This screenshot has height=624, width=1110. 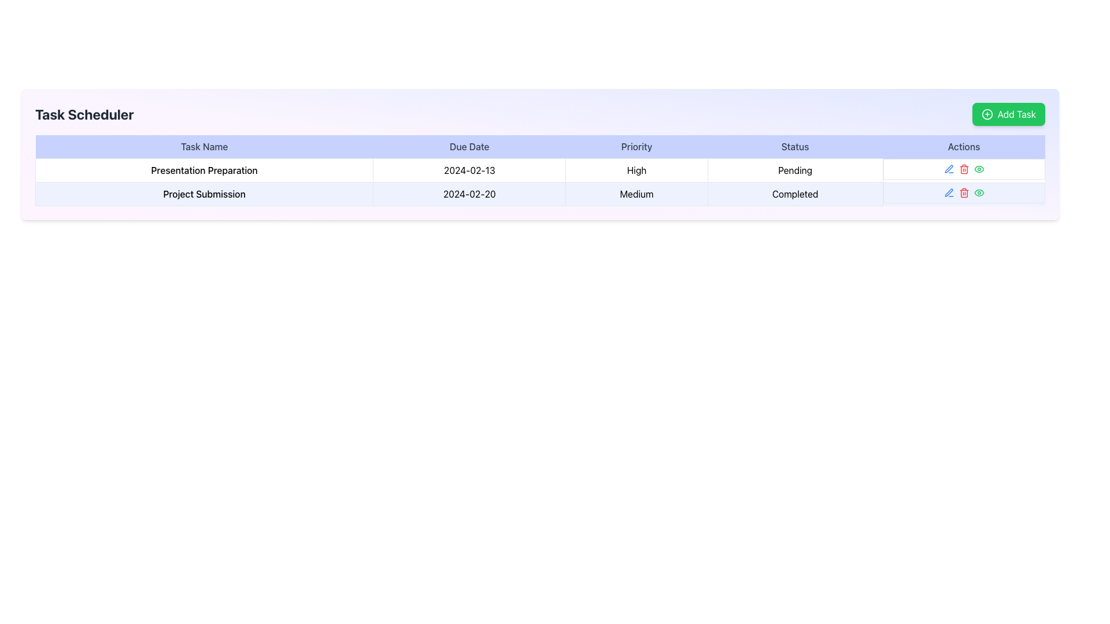 What do you see at coordinates (469, 170) in the screenshot?
I see `the static text label that displays the due date for the task 'Presentation Preparation', located in the second row under the 'Due Date' column` at bounding box center [469, 170].